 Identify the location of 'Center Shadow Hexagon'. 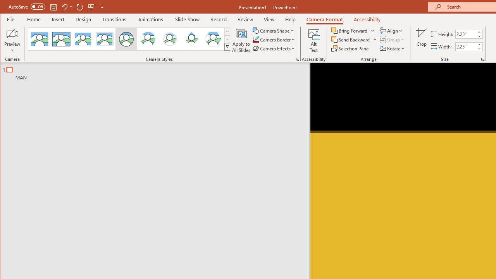
(213, 39).